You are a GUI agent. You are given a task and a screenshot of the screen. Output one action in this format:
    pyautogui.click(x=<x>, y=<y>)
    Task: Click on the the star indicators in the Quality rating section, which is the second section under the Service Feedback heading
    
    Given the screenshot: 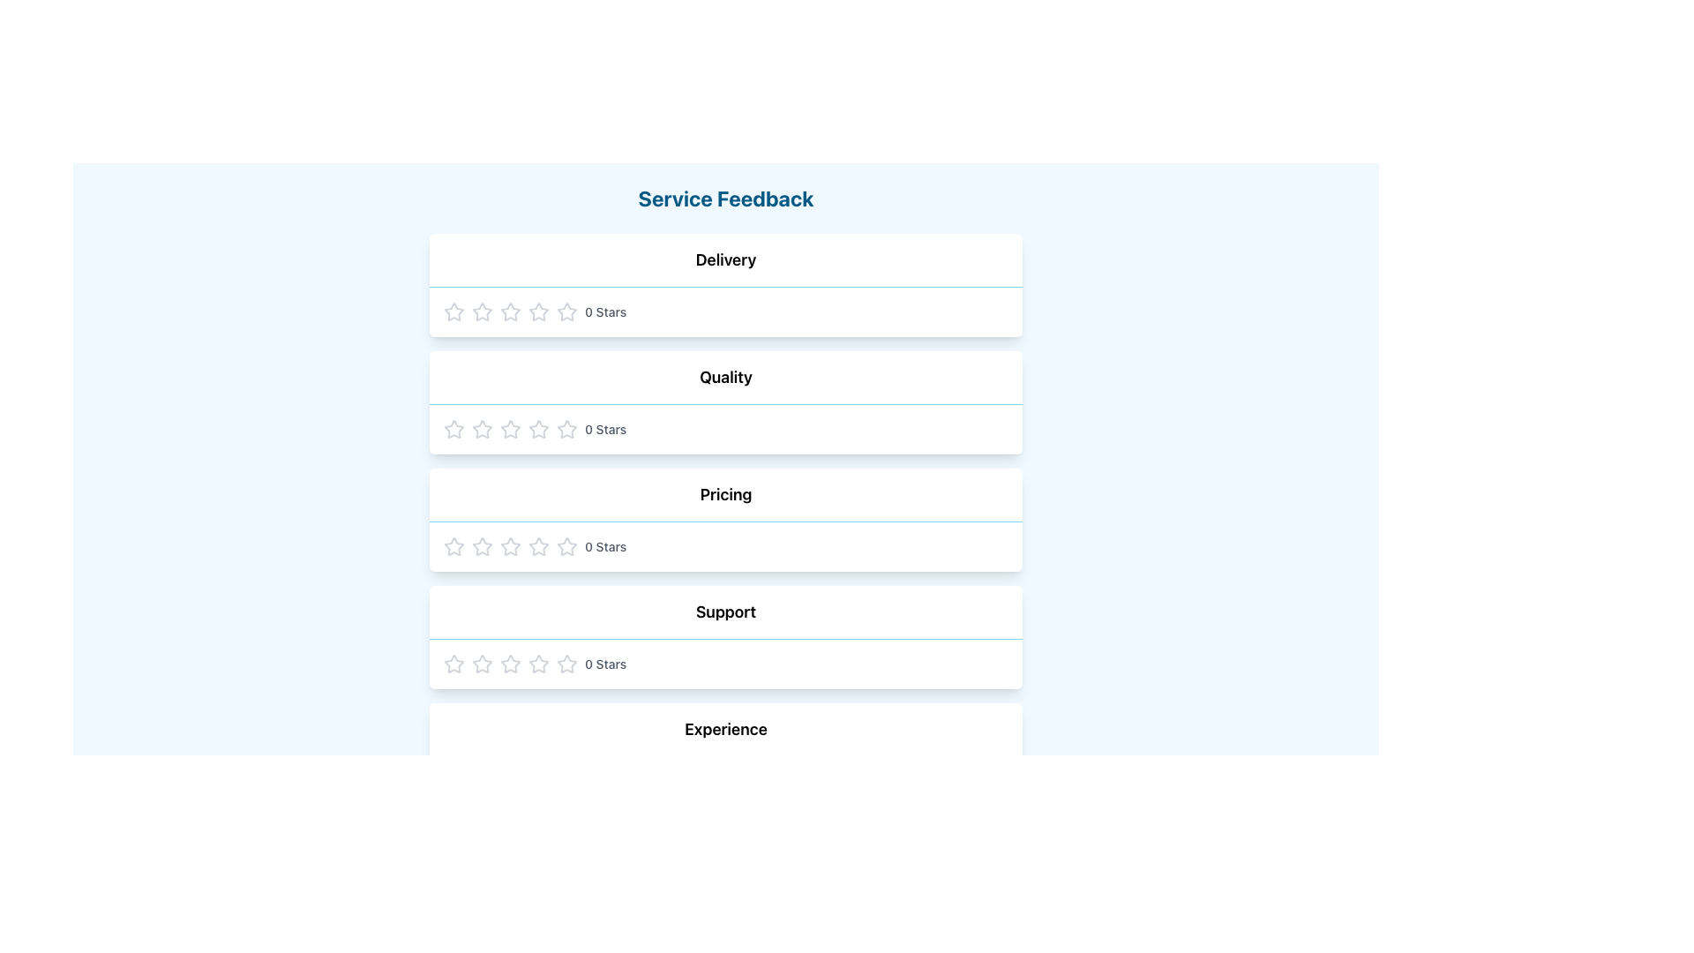 What is the action you would take?
    pyautogui.click(x=725, y=402)
    